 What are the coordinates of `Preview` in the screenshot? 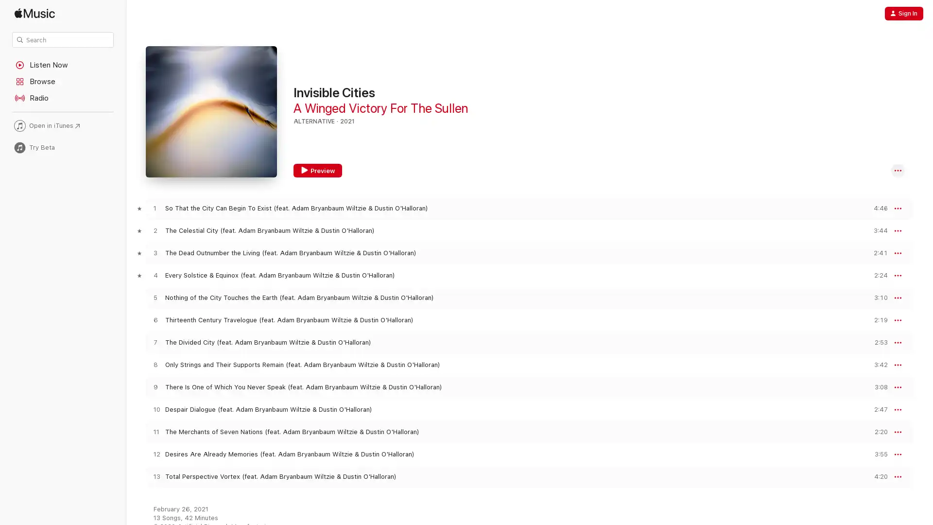 It's located at (877, 342).